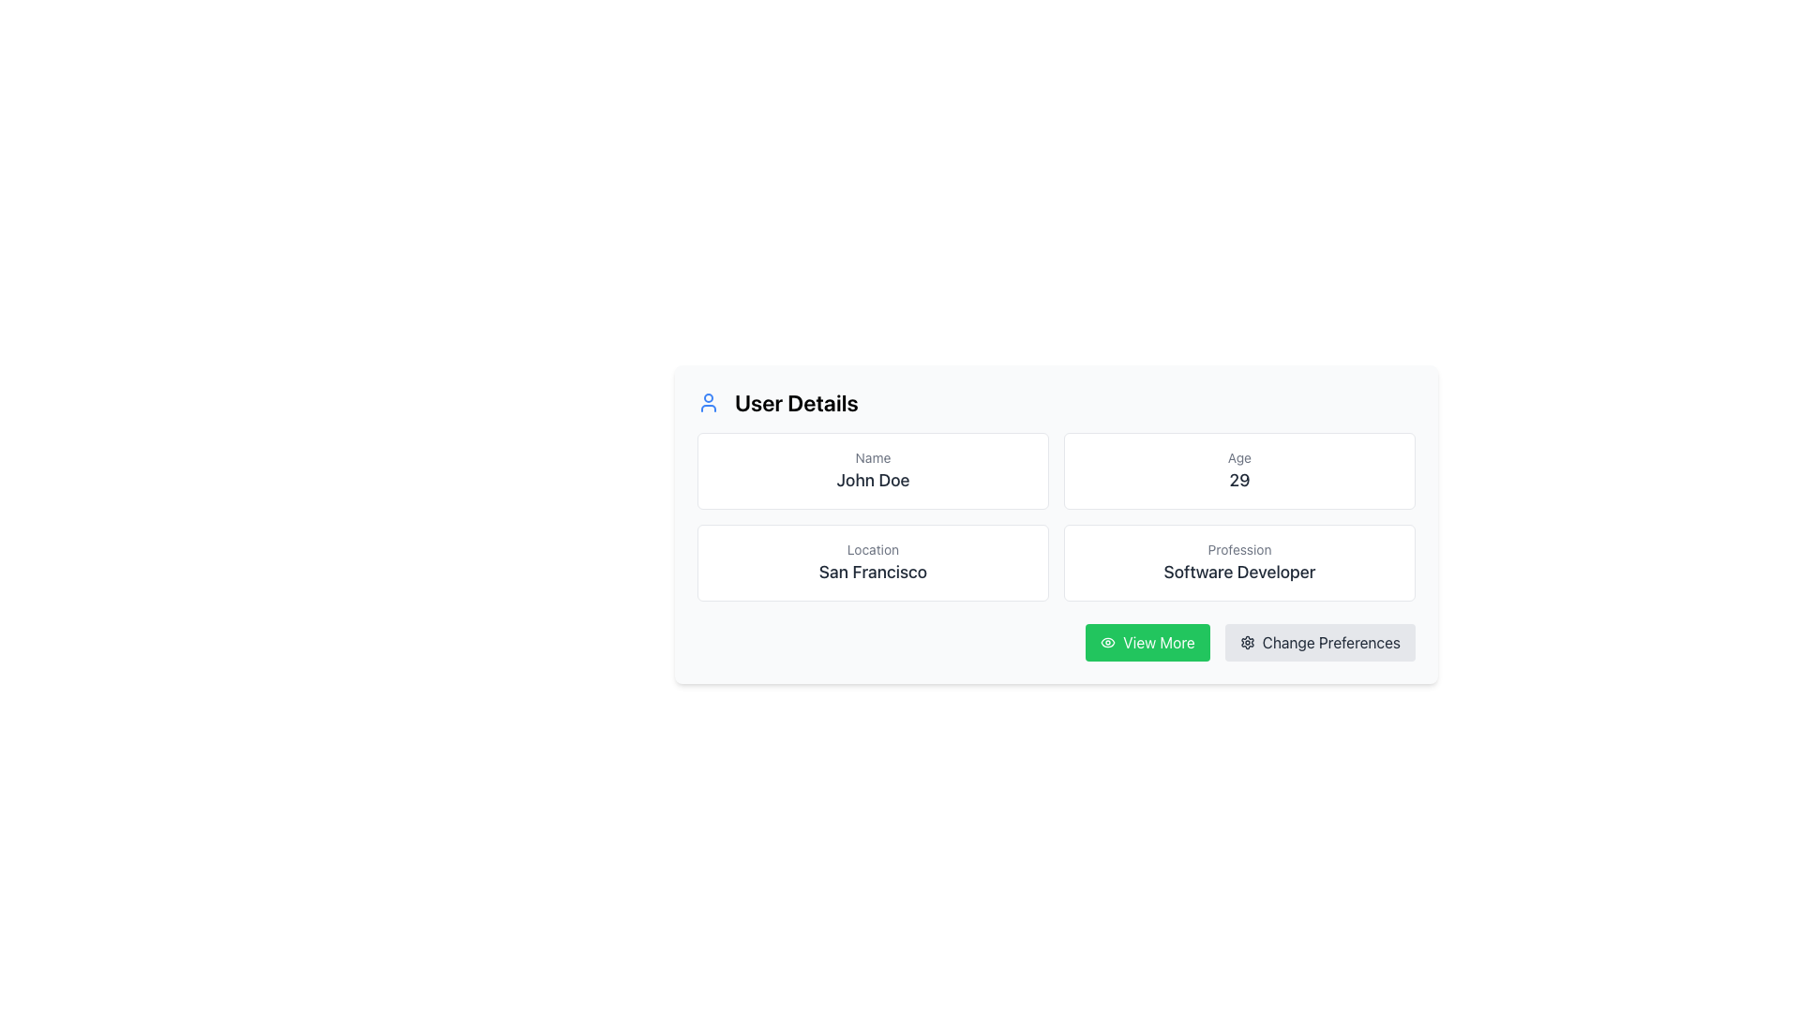  Describe the element at coordinates (872, 458) in the screenshot. I see `the static text label displaying 'Name' which is located at the top of a box in a grid layout containing user details` at that location.